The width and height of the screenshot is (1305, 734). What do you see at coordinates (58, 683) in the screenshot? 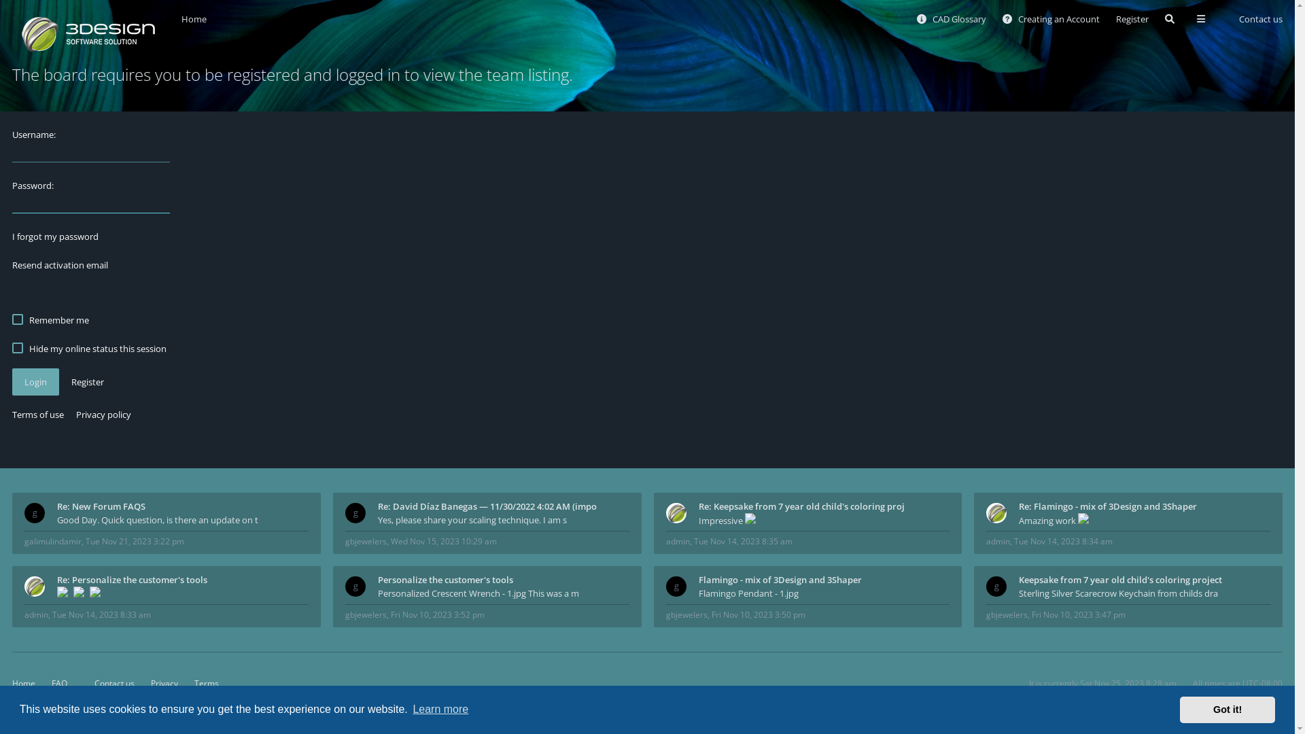
I see `'FAQ'` at bounding box center [58, 683].